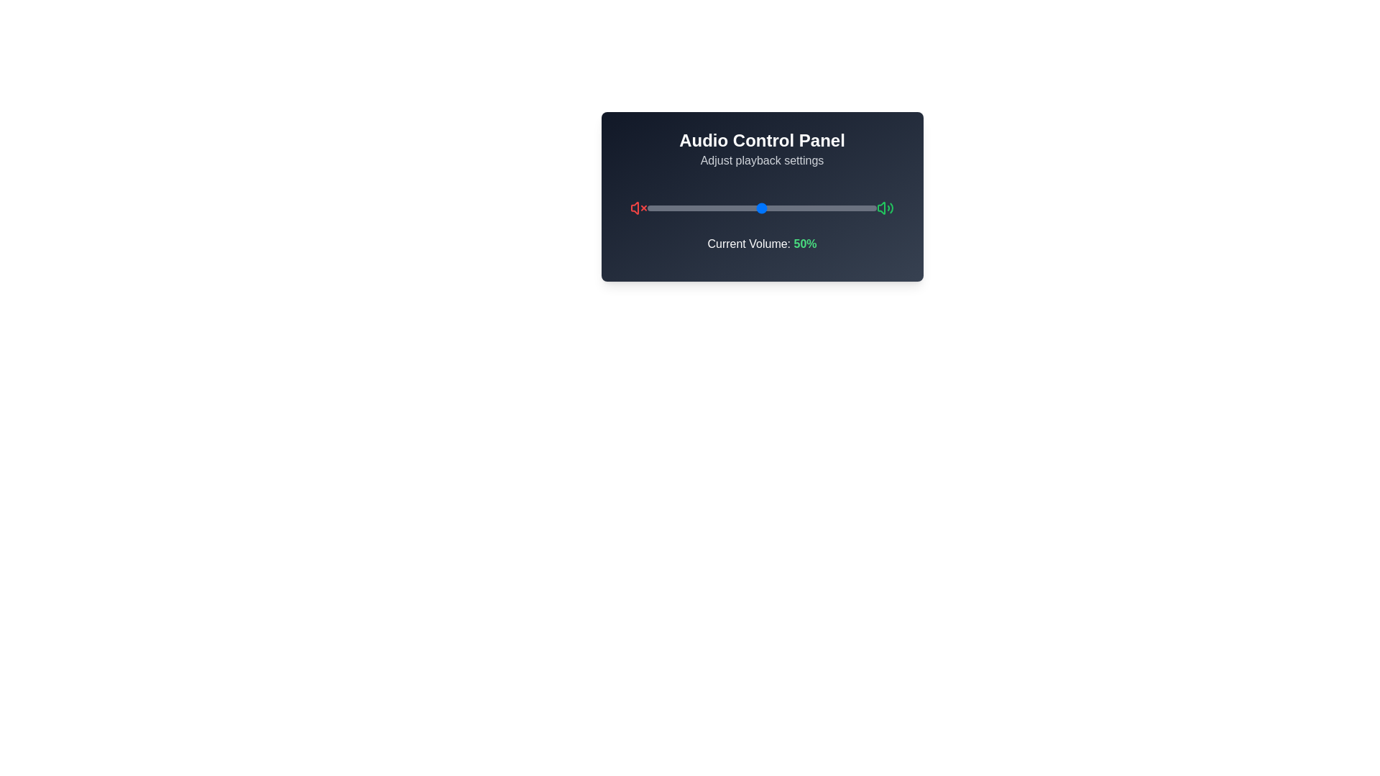 The width and height of the screenshot is (1380, 776). Describe the element at coordinates (735, 208) in the screenshot. I see `the volume slider to set the volume to 38%` at that location.